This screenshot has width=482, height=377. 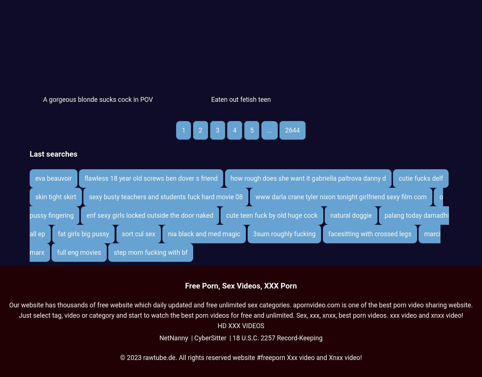 I want to click on 'www darla crane tyler nixon tonight girlfriend sexy film com', so click(x=340, y=196).